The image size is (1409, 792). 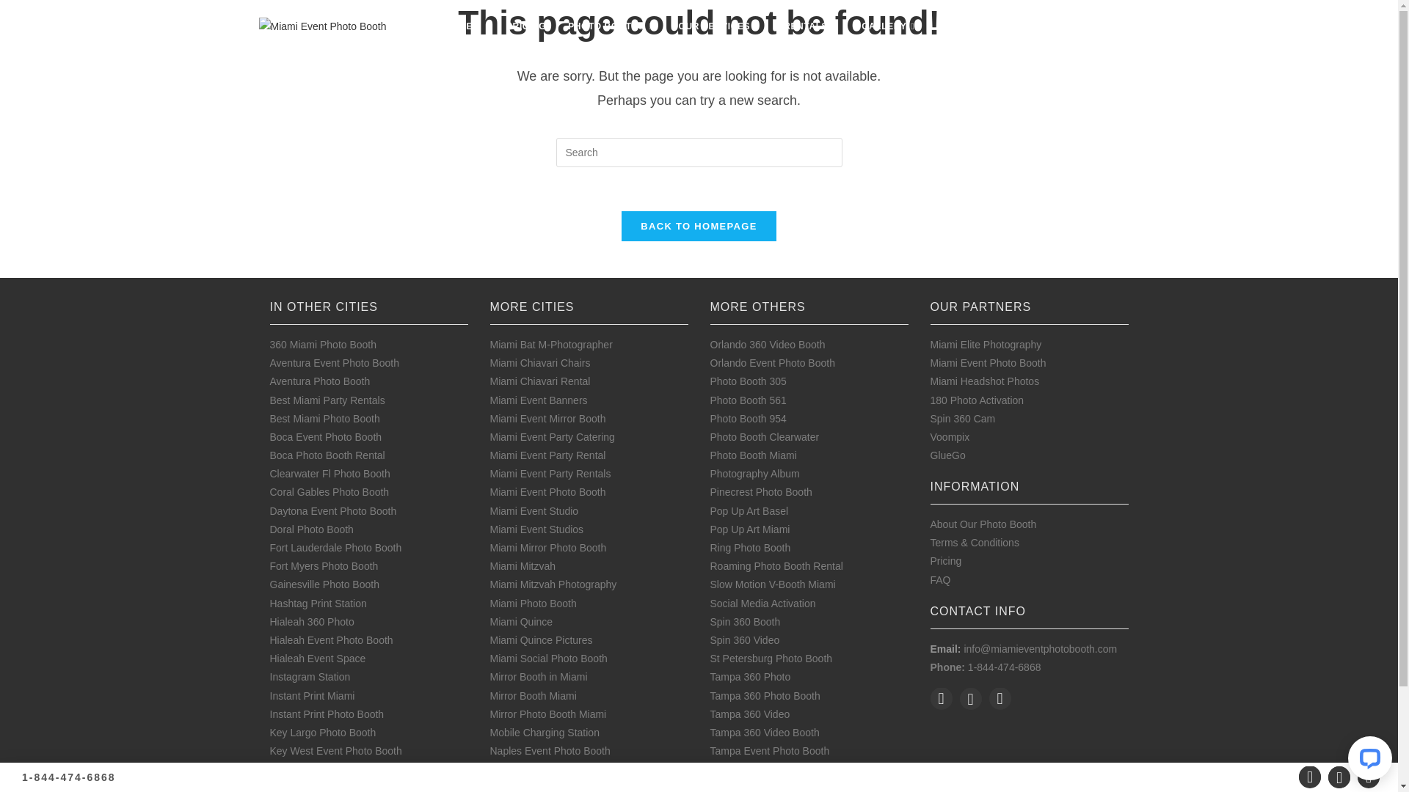 What do you see at coordinates (521, 622) in the screenshot?
I see `'Miami Quince'` at bounding box center [521, 622].